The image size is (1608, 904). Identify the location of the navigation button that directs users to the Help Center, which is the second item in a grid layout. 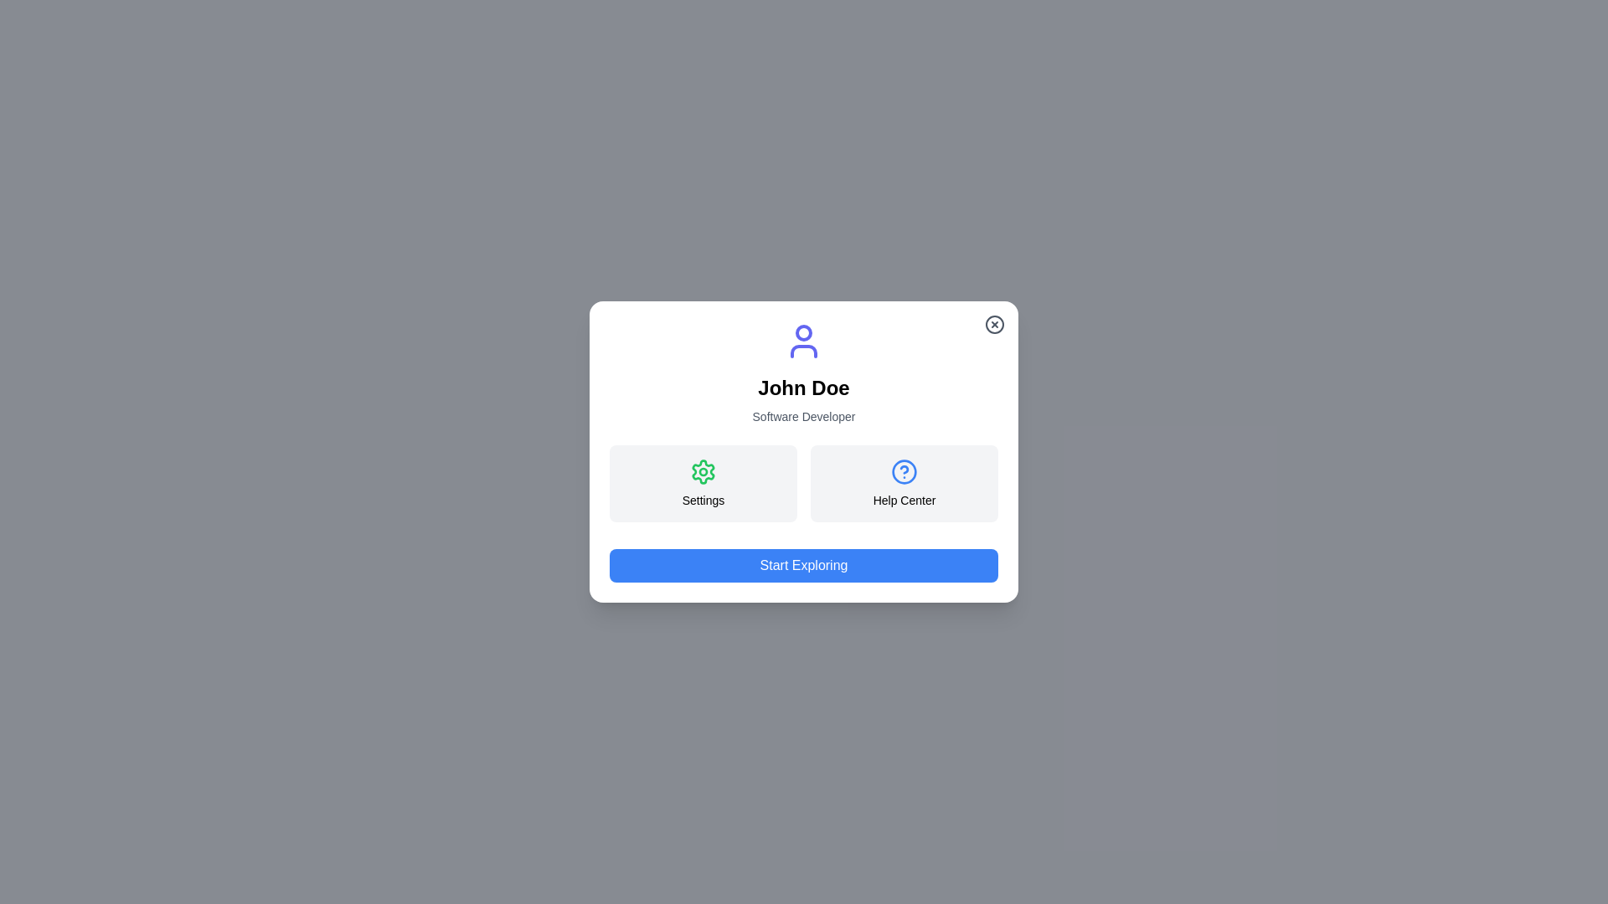
(904, 484).